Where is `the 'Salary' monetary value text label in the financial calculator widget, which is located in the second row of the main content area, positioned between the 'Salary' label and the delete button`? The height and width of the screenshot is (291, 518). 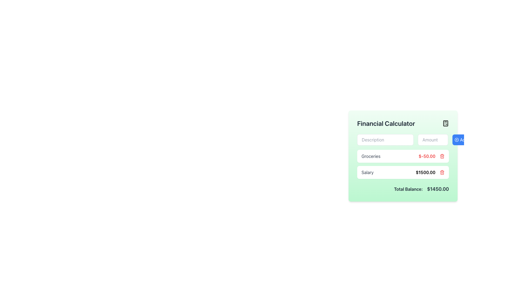
the 'Salary' monetary value text label in the financial calculator widget, which is located in the second row of the main content area, positioned between the 'Salary' label and the delete button is located at coordinates (430, 172).